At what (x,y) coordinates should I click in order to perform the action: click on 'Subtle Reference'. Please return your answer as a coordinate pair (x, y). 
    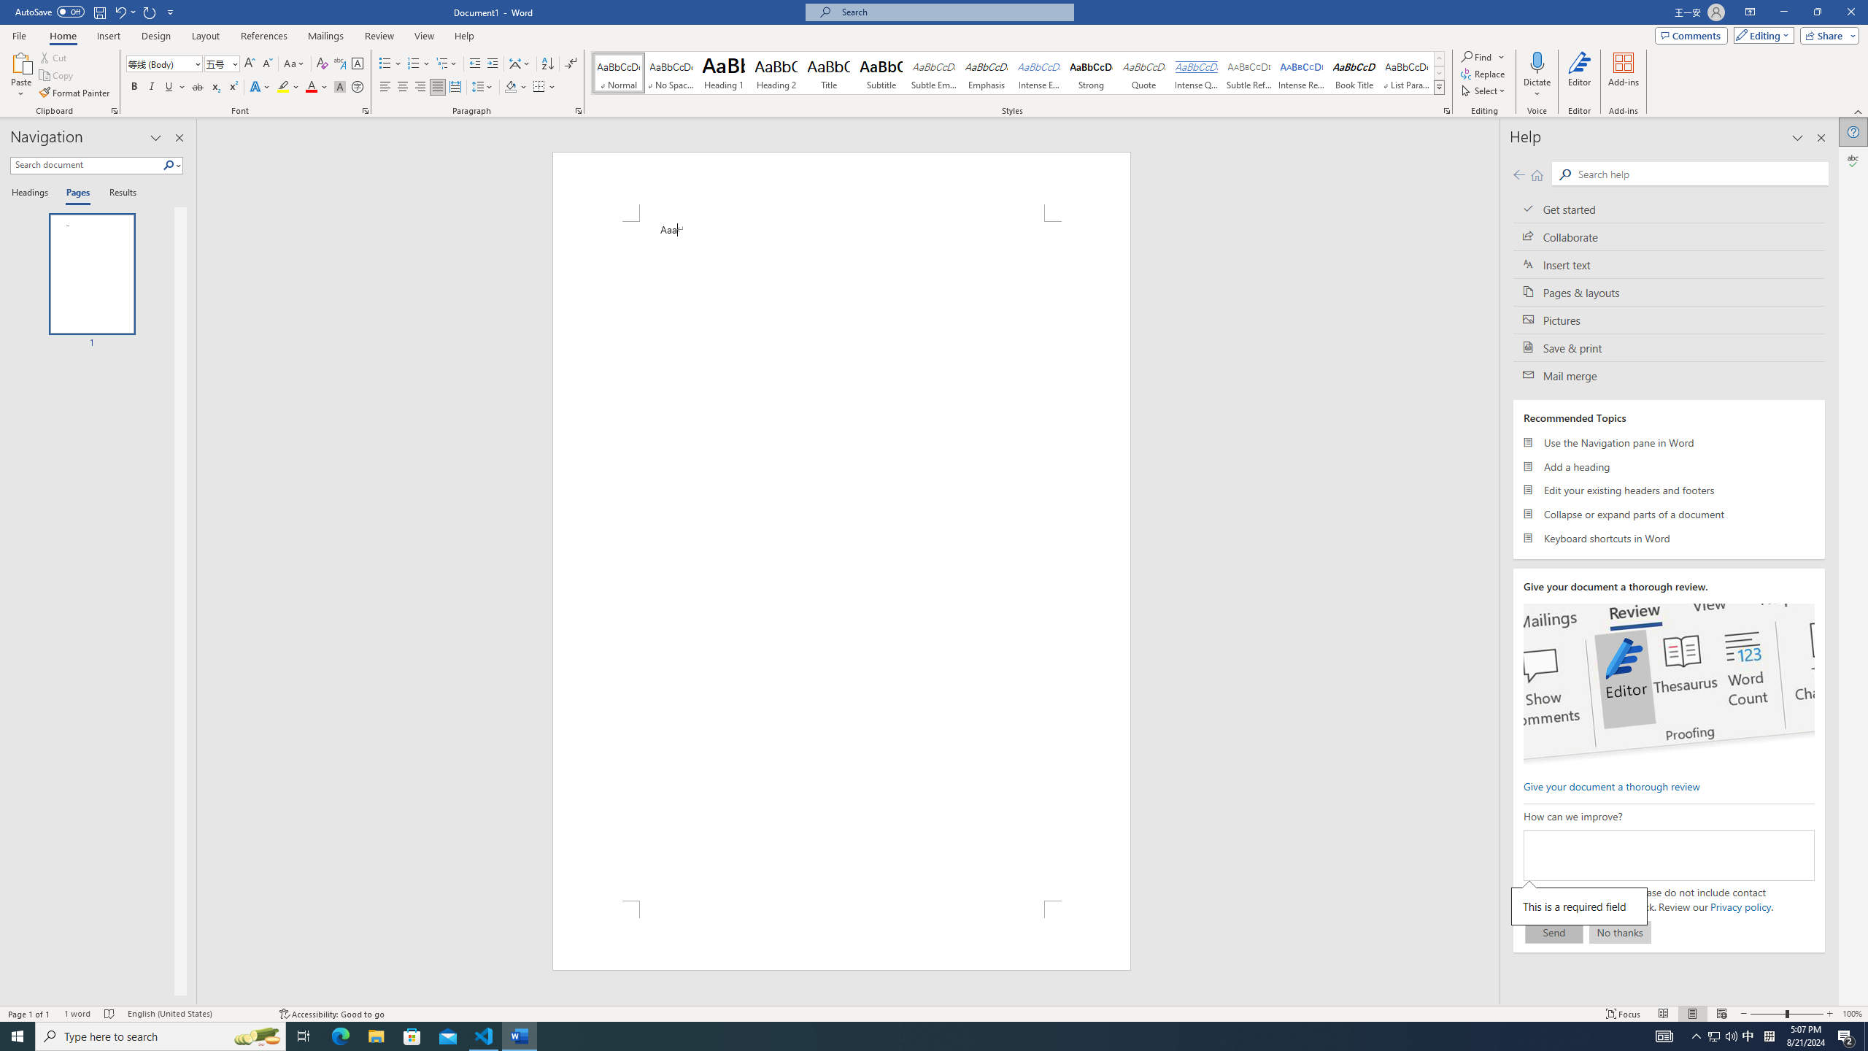
    Looking at the image, I should click on (1249, 72).